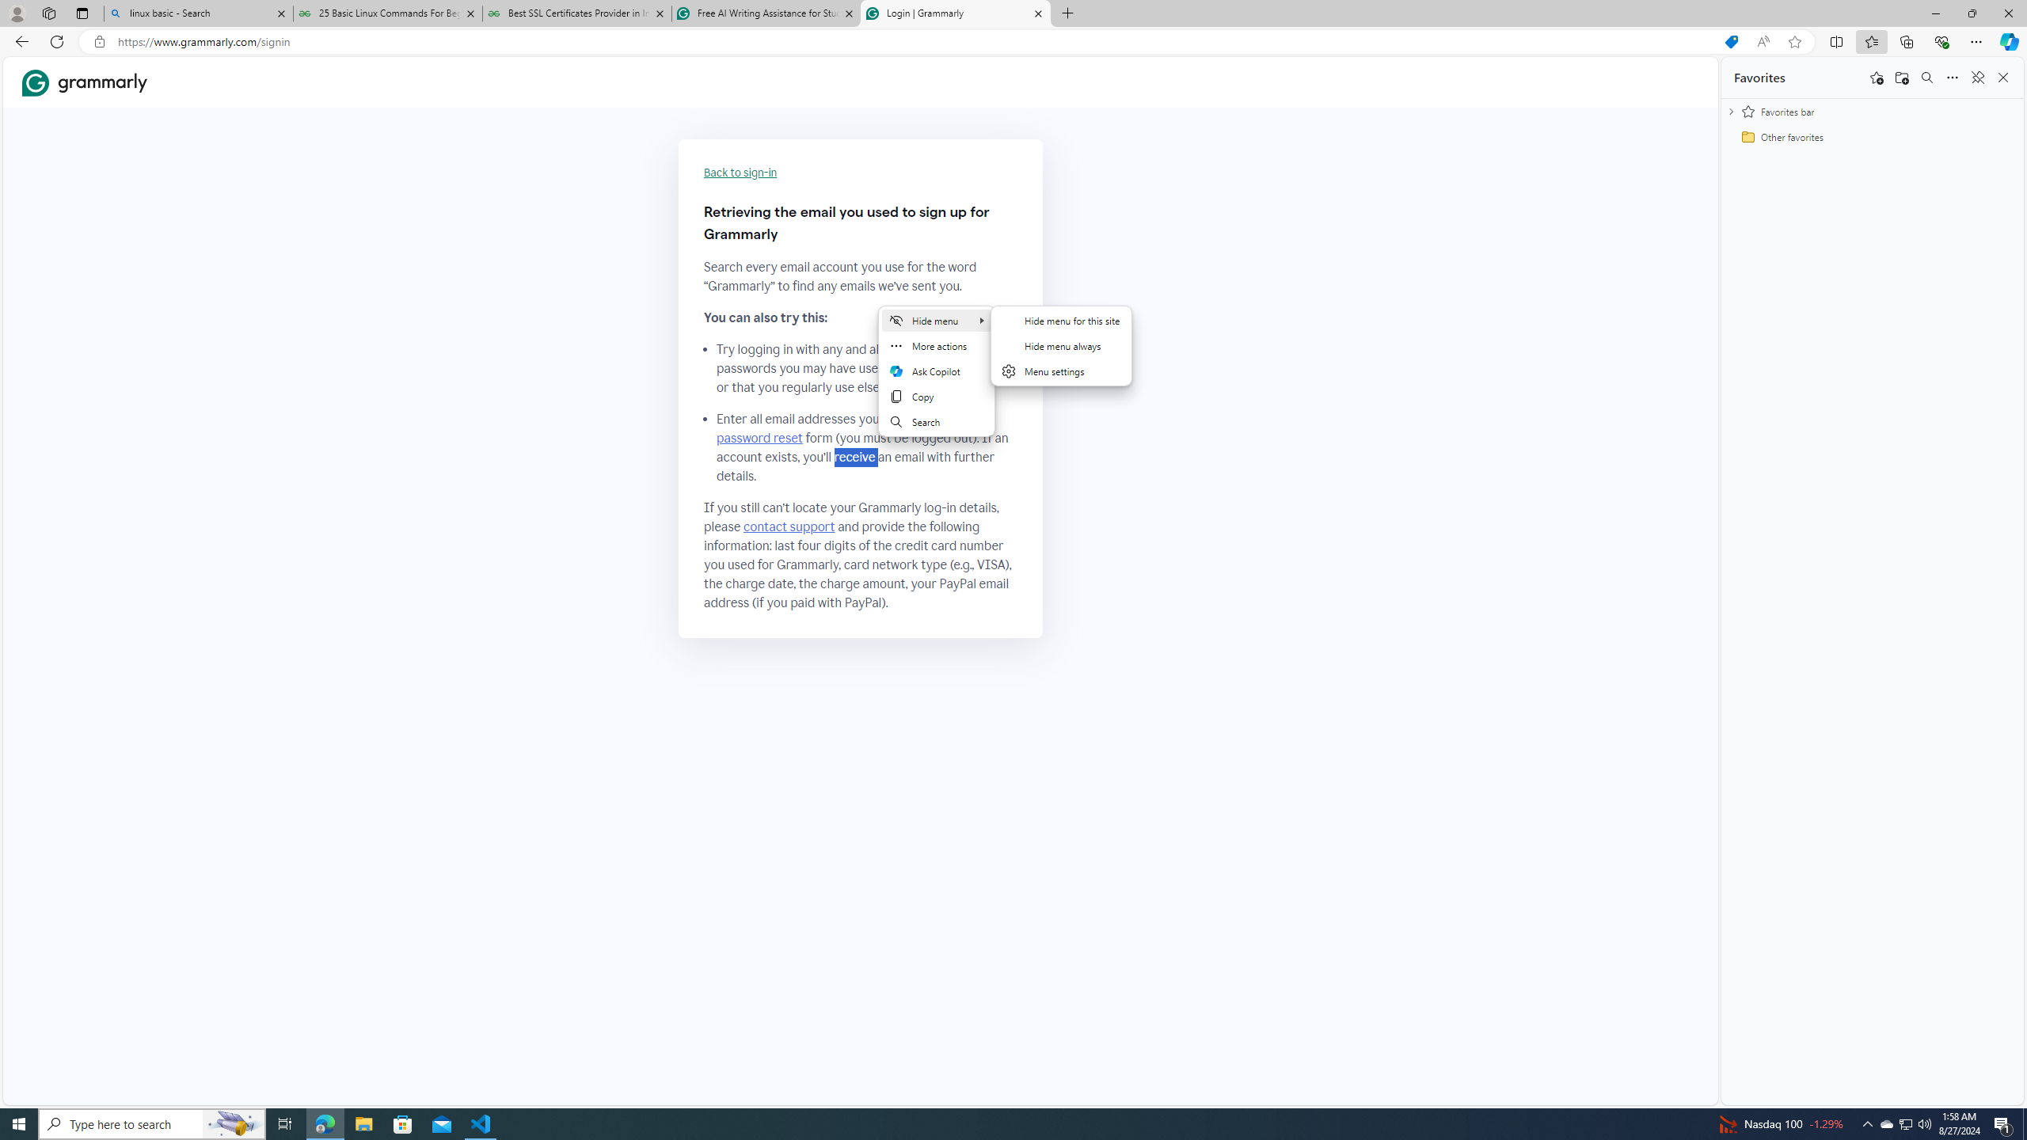  What do you see at coordinates (1926, 76) in the screenshot?
I see `'Search favorites'` at bounding box center [1926, 76].